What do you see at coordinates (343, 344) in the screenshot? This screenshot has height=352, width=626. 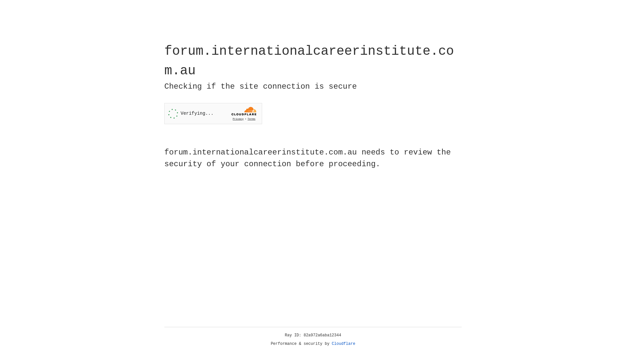 I see `'Cloudflare'` at bounding box center [343, 344].